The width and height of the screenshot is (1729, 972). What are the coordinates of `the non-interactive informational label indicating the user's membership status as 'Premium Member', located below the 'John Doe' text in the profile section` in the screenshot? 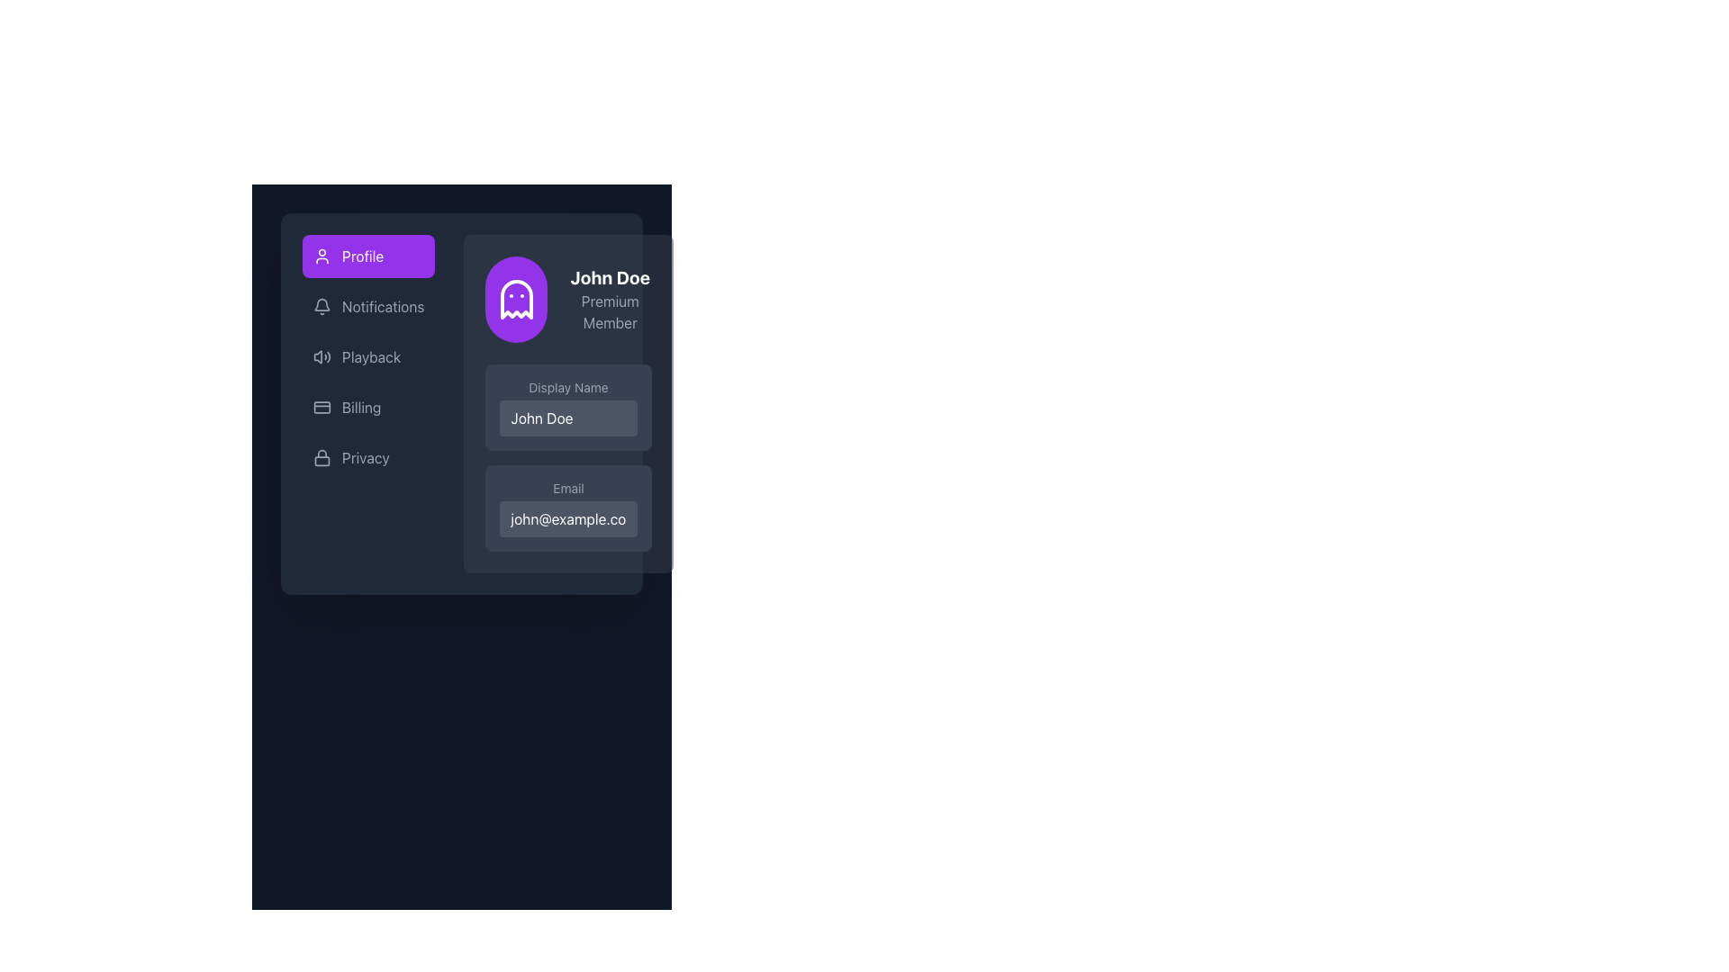 It's located at (610, 311).